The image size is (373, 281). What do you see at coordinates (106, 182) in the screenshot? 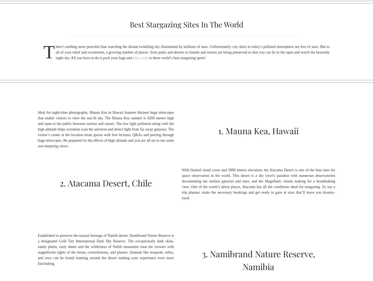
I see `'2. Atacama Desert, Chile'` at bounding box center [106, 182].